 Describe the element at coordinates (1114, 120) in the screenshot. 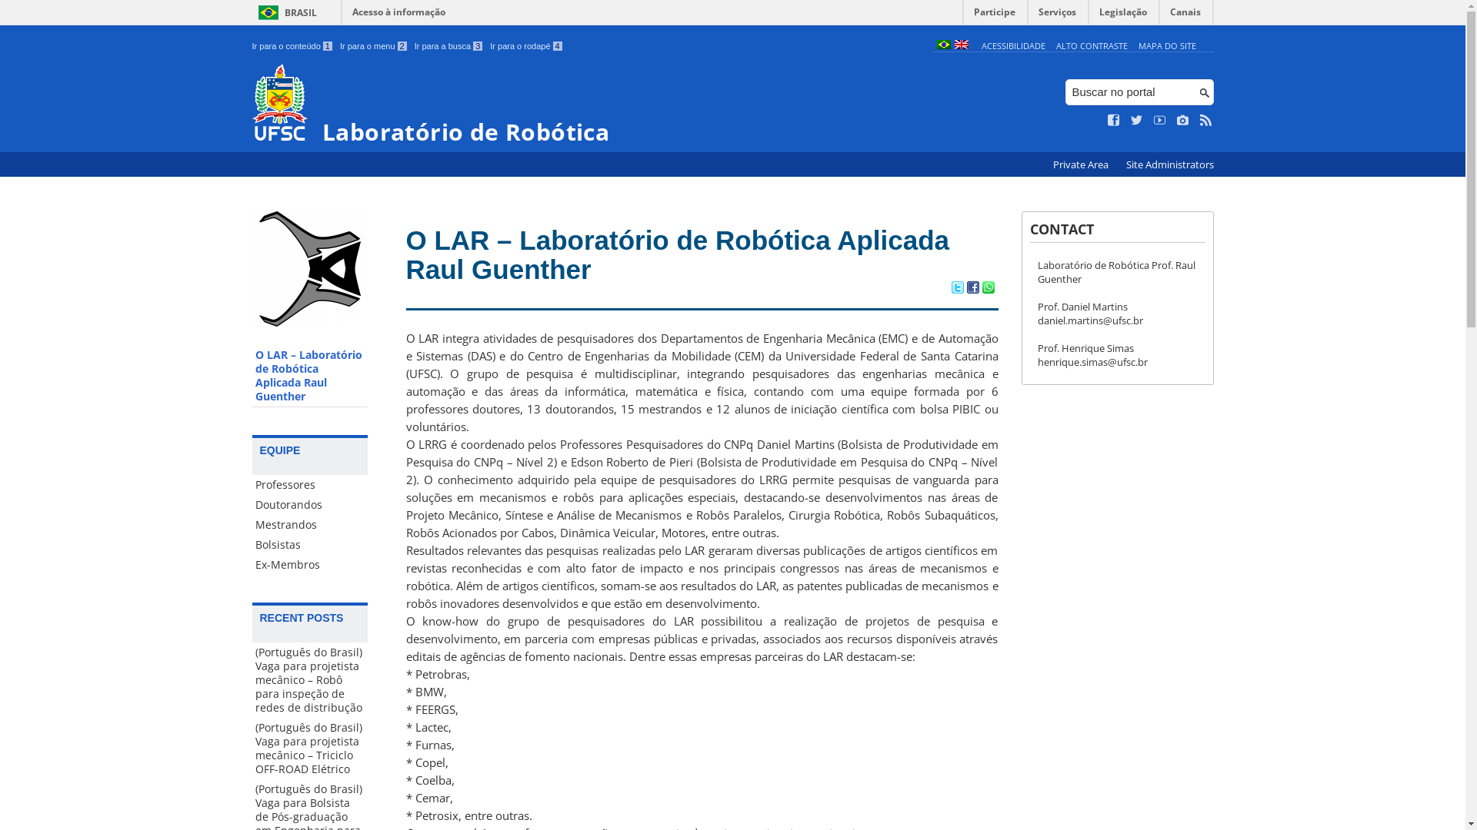

I see `'Curta no Facebook'` at that location.